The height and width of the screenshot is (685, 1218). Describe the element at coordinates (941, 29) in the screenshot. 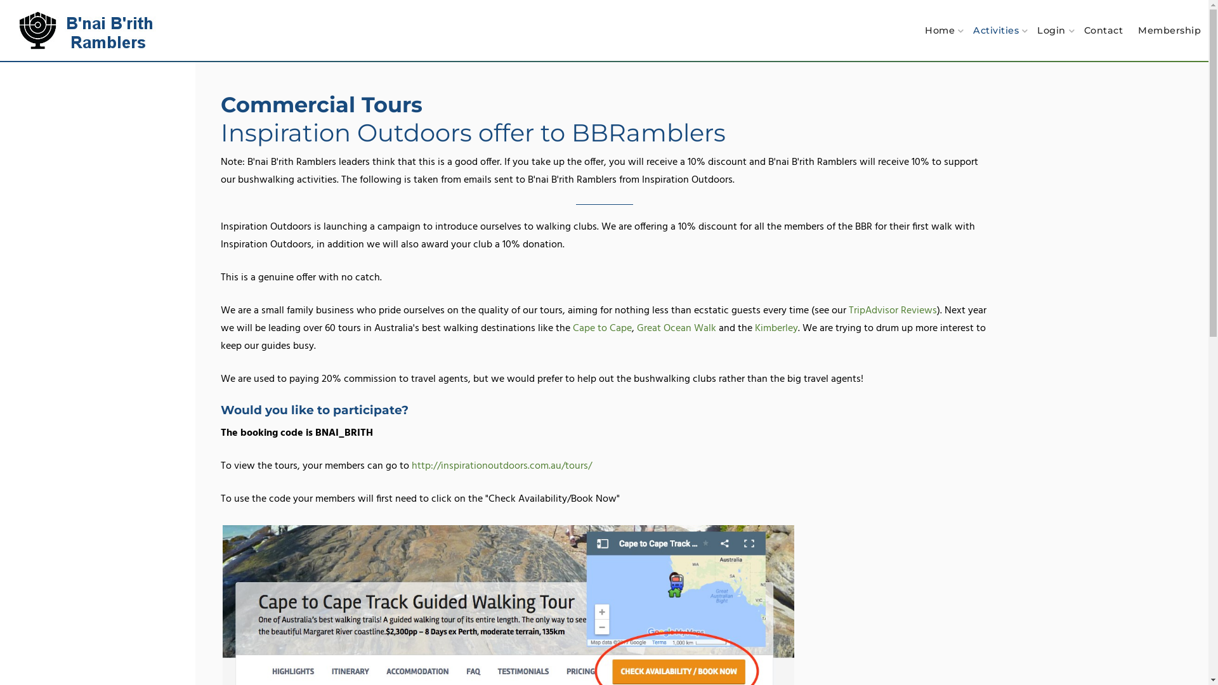

I see `'Home'` at that location.